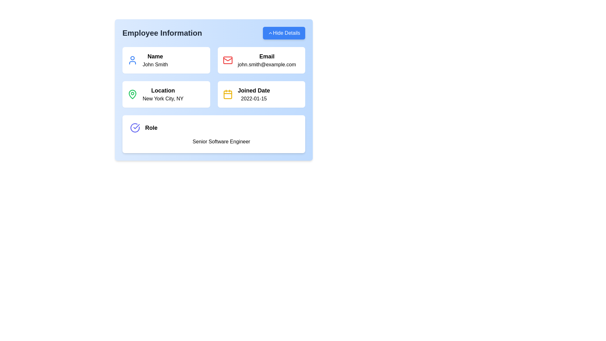 The height and width of the screenshot is (341, 606). I want to click on the email icon located in the second box from the top-right under 'Employee Information', which visually represents an email and is aligned to the left of the text 'Email', so click(227, 60).